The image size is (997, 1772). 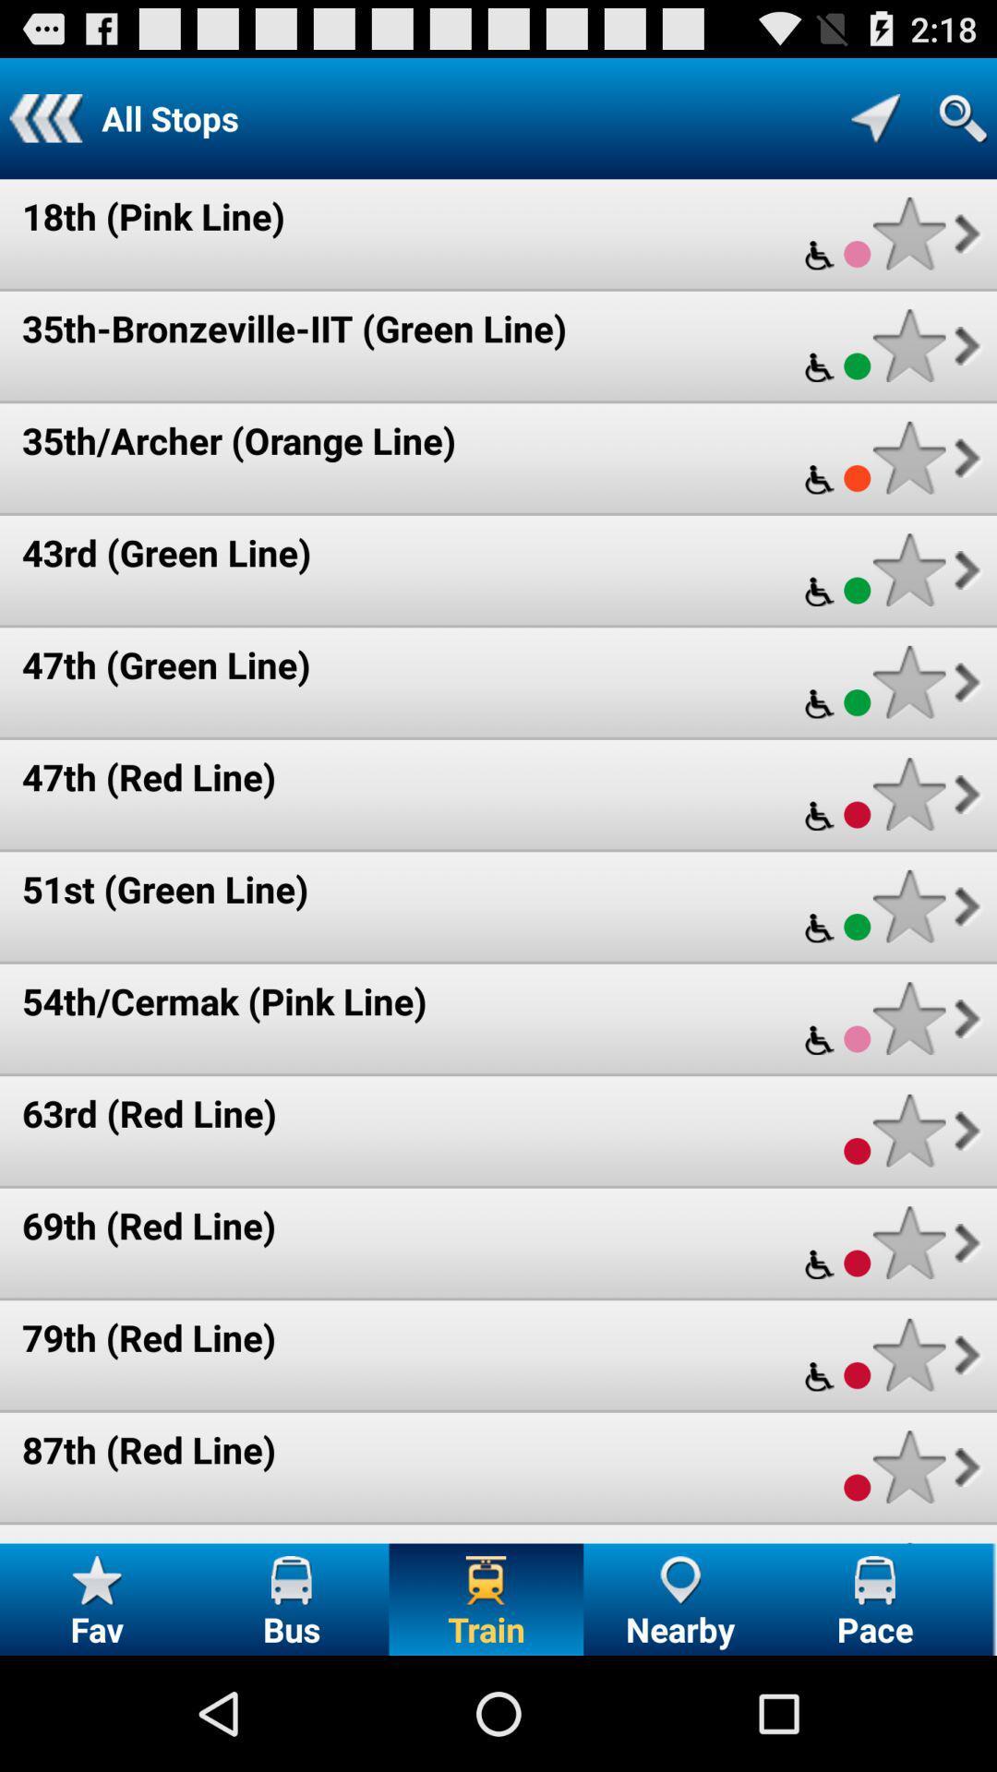 What do you see at coordinates (44, 117) in the screenshot?
I see `go back` at bounding box center [44, 117].